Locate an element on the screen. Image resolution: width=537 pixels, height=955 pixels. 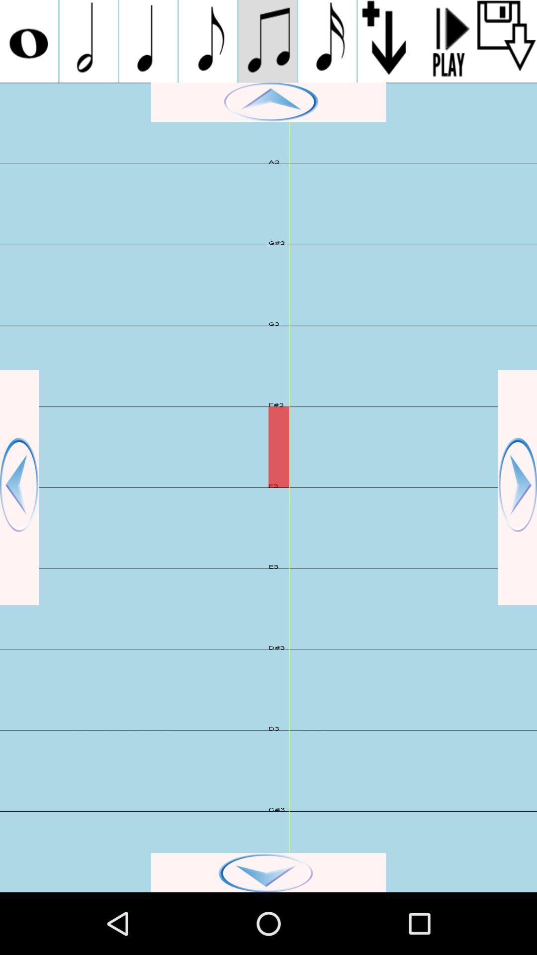
switch music logo is located at coordinates (207, 41).